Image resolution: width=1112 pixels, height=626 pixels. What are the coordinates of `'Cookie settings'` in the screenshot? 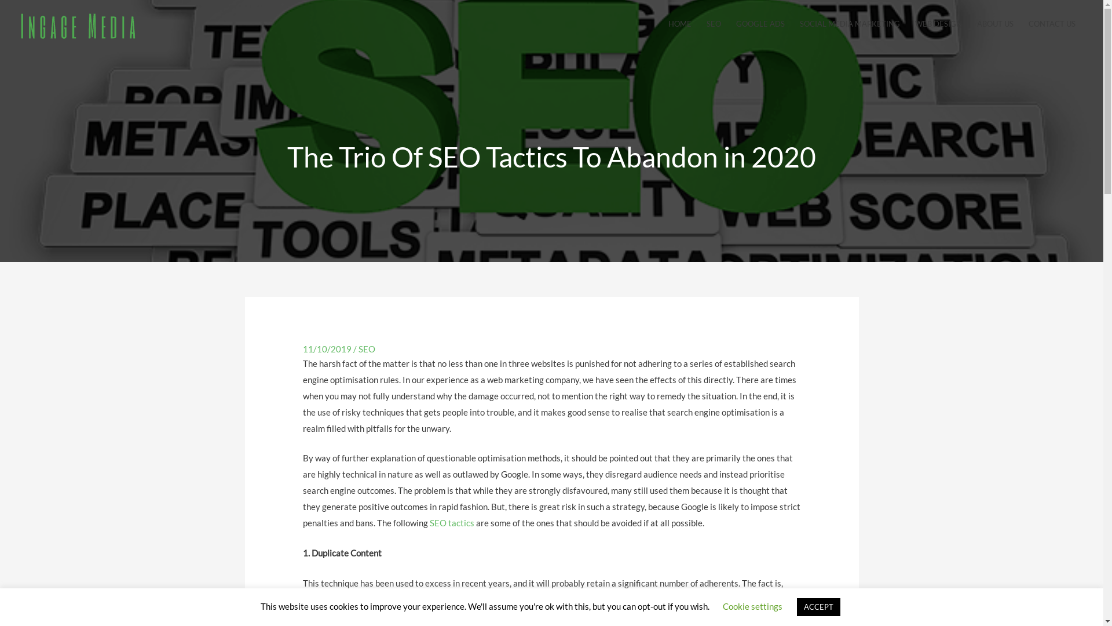 It's located at (752, 605).